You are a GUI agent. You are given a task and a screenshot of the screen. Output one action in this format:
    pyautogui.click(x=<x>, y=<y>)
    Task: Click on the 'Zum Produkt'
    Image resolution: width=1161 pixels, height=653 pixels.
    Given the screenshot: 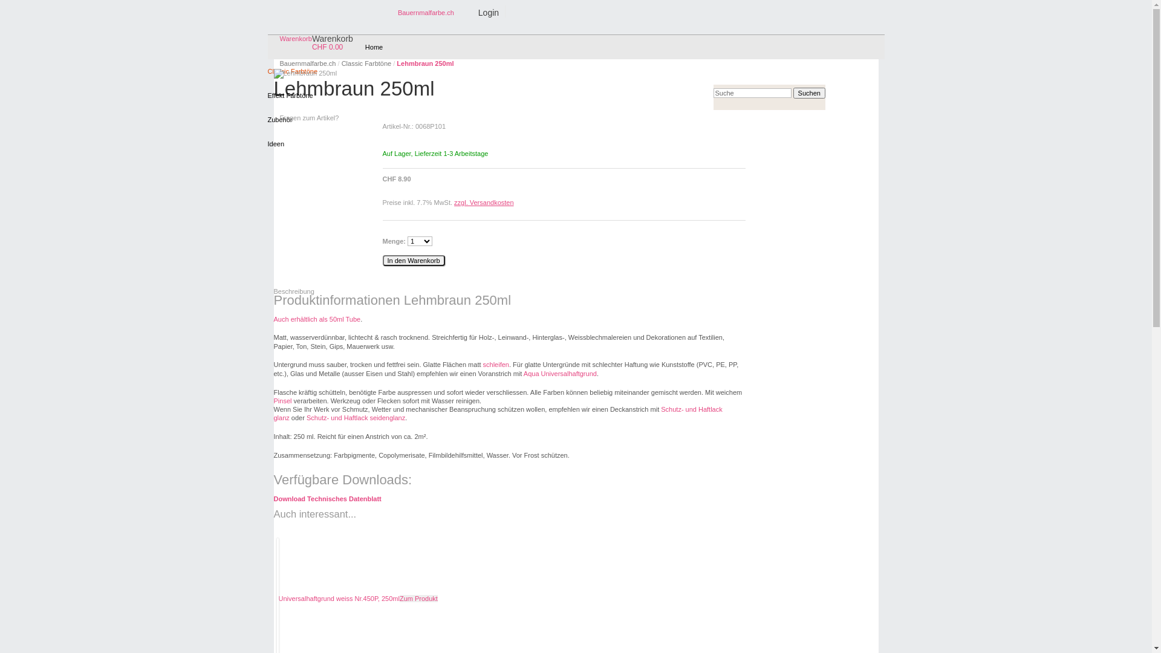 What is the action you would take?
    pyautogui.click(x=400, y=599)
    